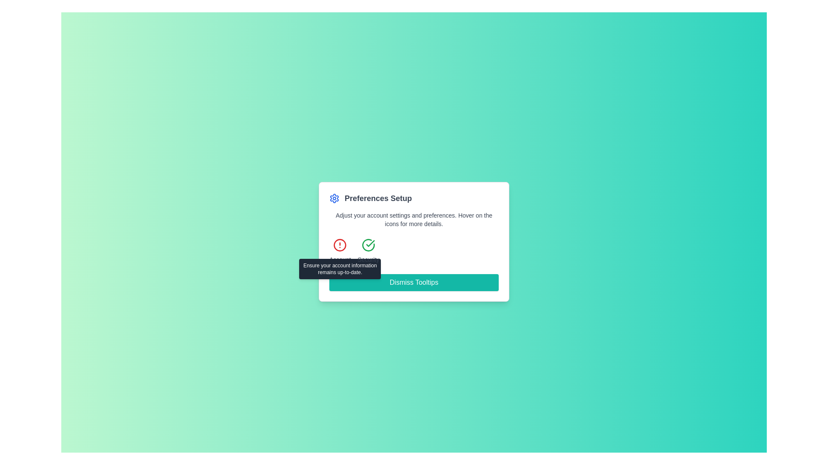 Image resolution: width=817 pixels, height=459 pixels. I want to click on the informative text that reads 'Adjust your account settings and preferences.' located in the 'Preferences Setup' panel, which is centered horizontally below the header and above the icons, so click(414, 219).